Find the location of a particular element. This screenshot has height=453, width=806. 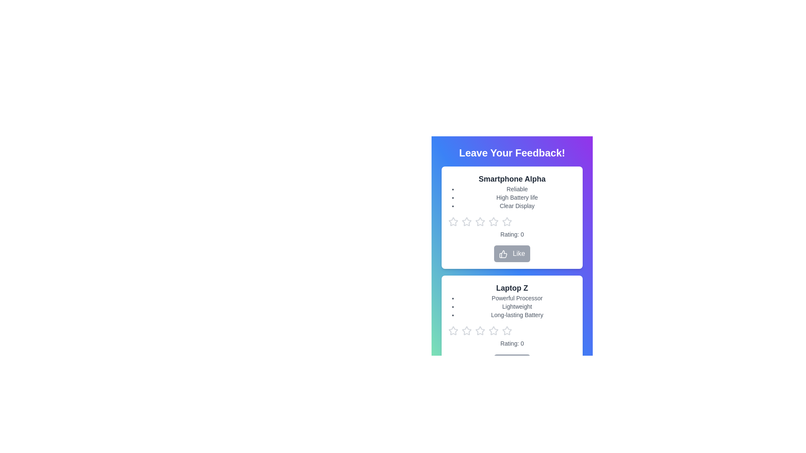

from the center of the first star icon in the 5-star rating system under the 'Laptop Z' feedback card is located at coordinates (453, 330).